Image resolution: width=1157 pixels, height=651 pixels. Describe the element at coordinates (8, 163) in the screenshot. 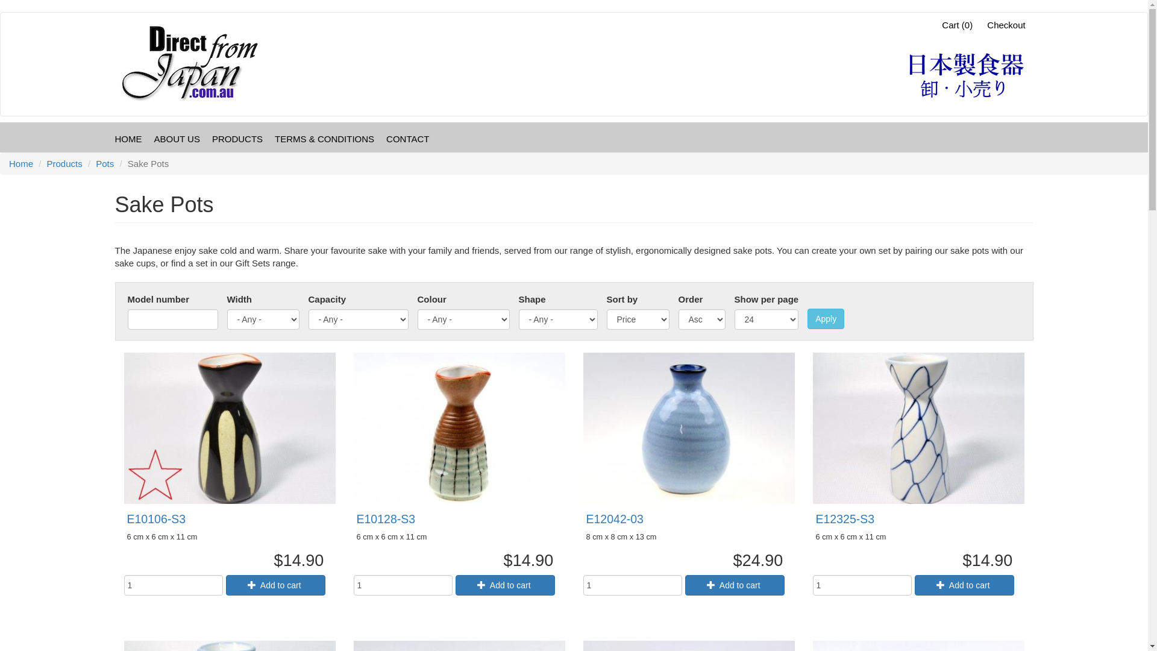

I see `'Home'` at that location.